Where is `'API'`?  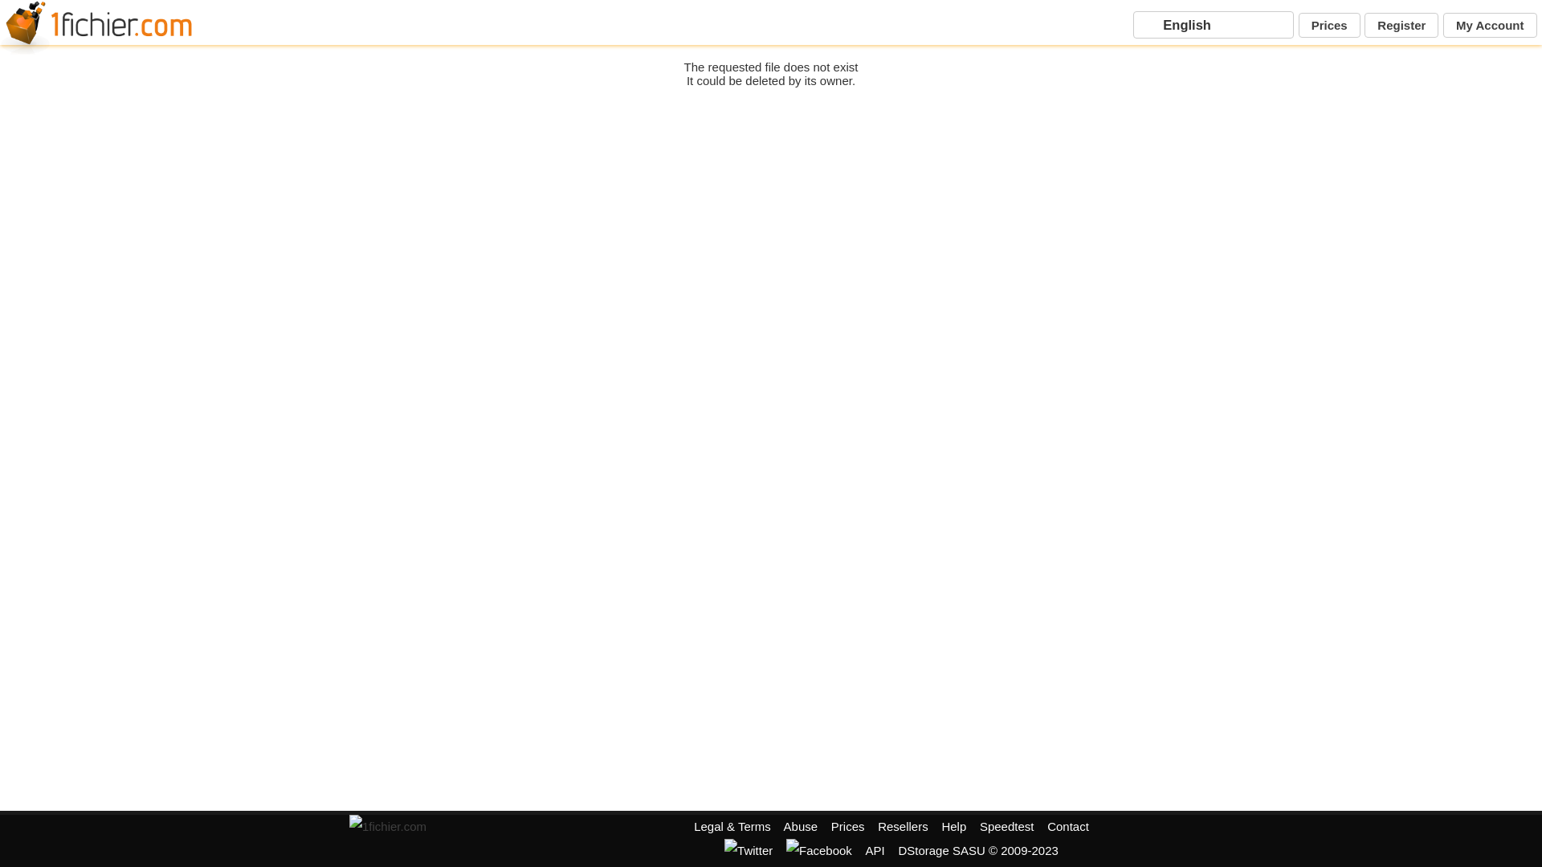
'API' is located at coordinates (874, 849).